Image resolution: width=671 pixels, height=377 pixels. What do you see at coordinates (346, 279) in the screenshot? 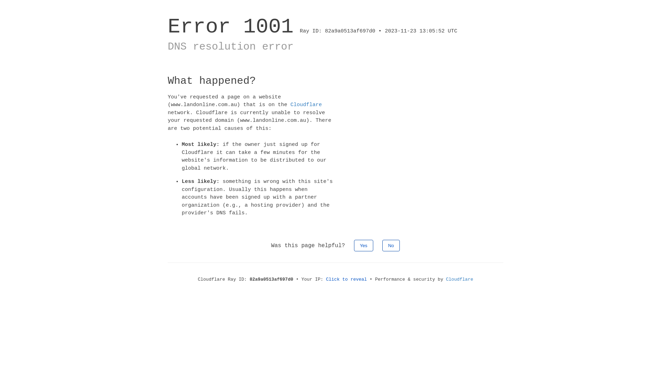
I see `'Click to reveal'` at bounding box center [346, 279].